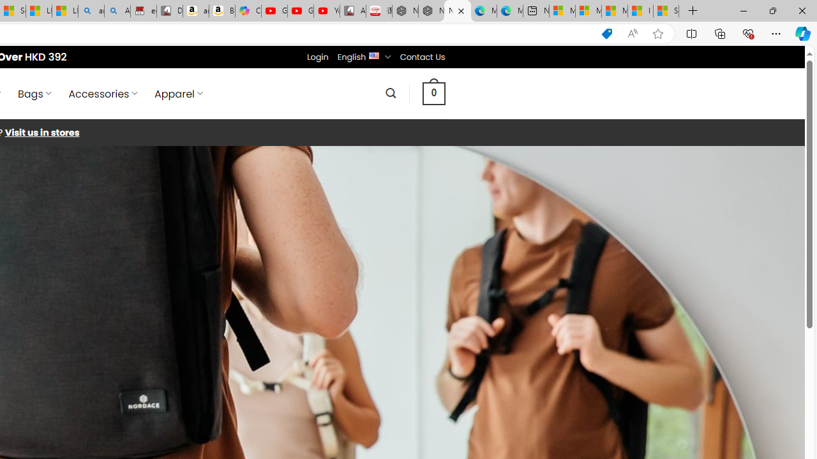 This screenshot has height=459, width=817. Describe the element at coordinates (588, 11) in the screenshot. I see `'Microsoft account | Privacy'` at that location.